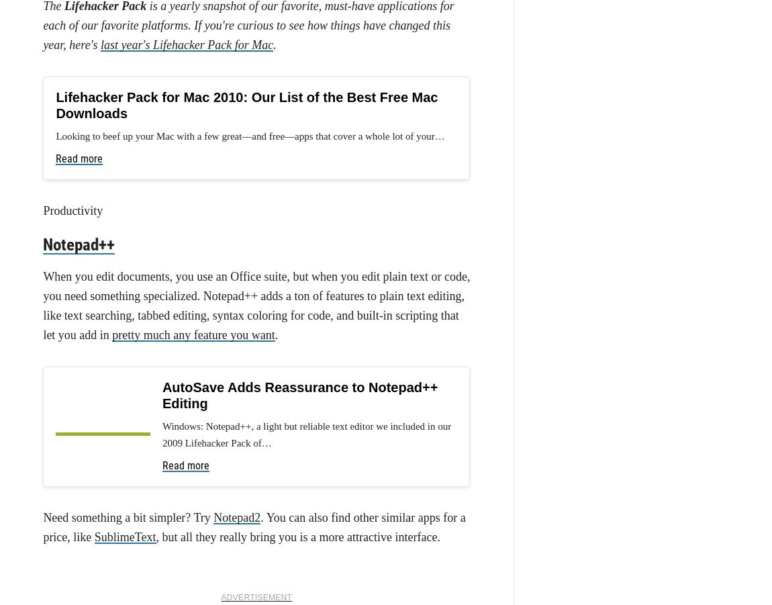  I want to click on 'Postbox', so click(238, 298).